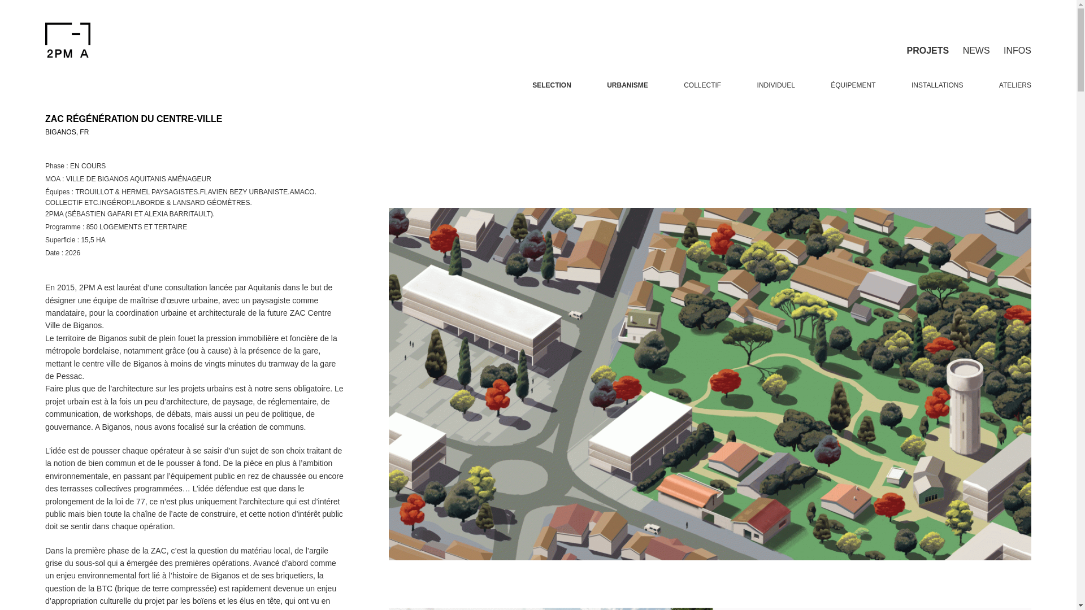  What do you see at coordinates (775, 76) in the screenshot?
I see `'INDIVIDUEL'` at bounding box center [775, 76].